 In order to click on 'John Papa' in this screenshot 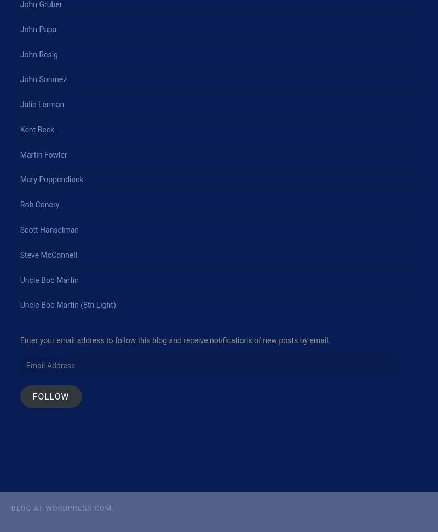, I will do `click(38, 28)`.